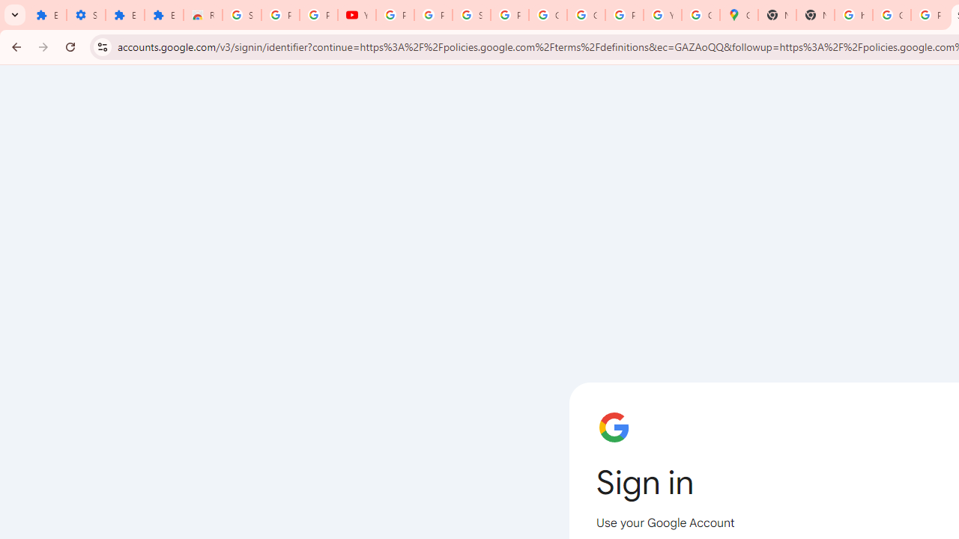 The height and width of the screenshot is (539, 959). What do you see at coordinates (85, 15) in the screenshot?
I see `'Settings'` at bounding box center [85, 15].